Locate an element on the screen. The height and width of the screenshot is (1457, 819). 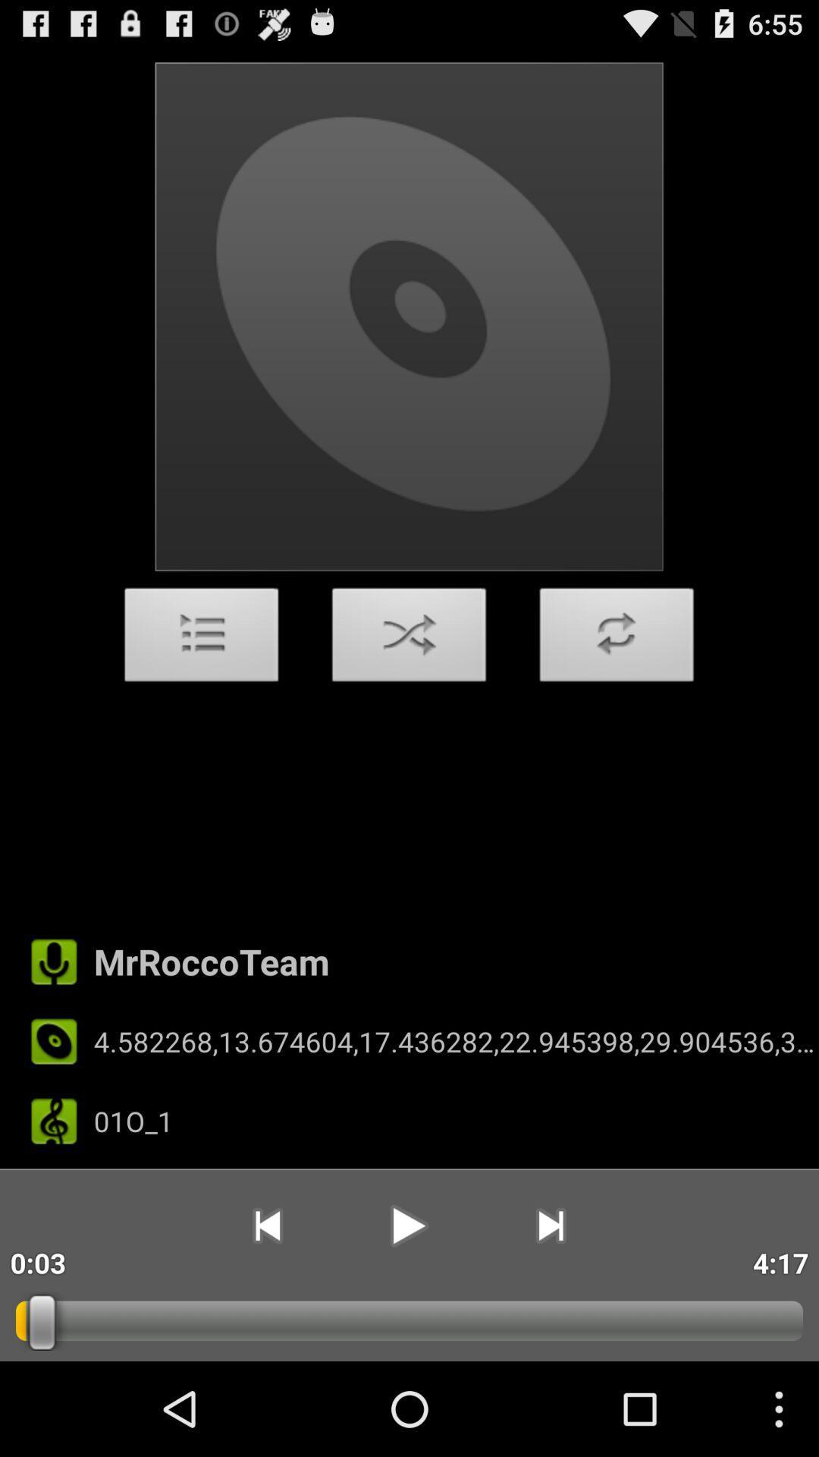
the skip_next icon is located at coordinates (551, 1311).